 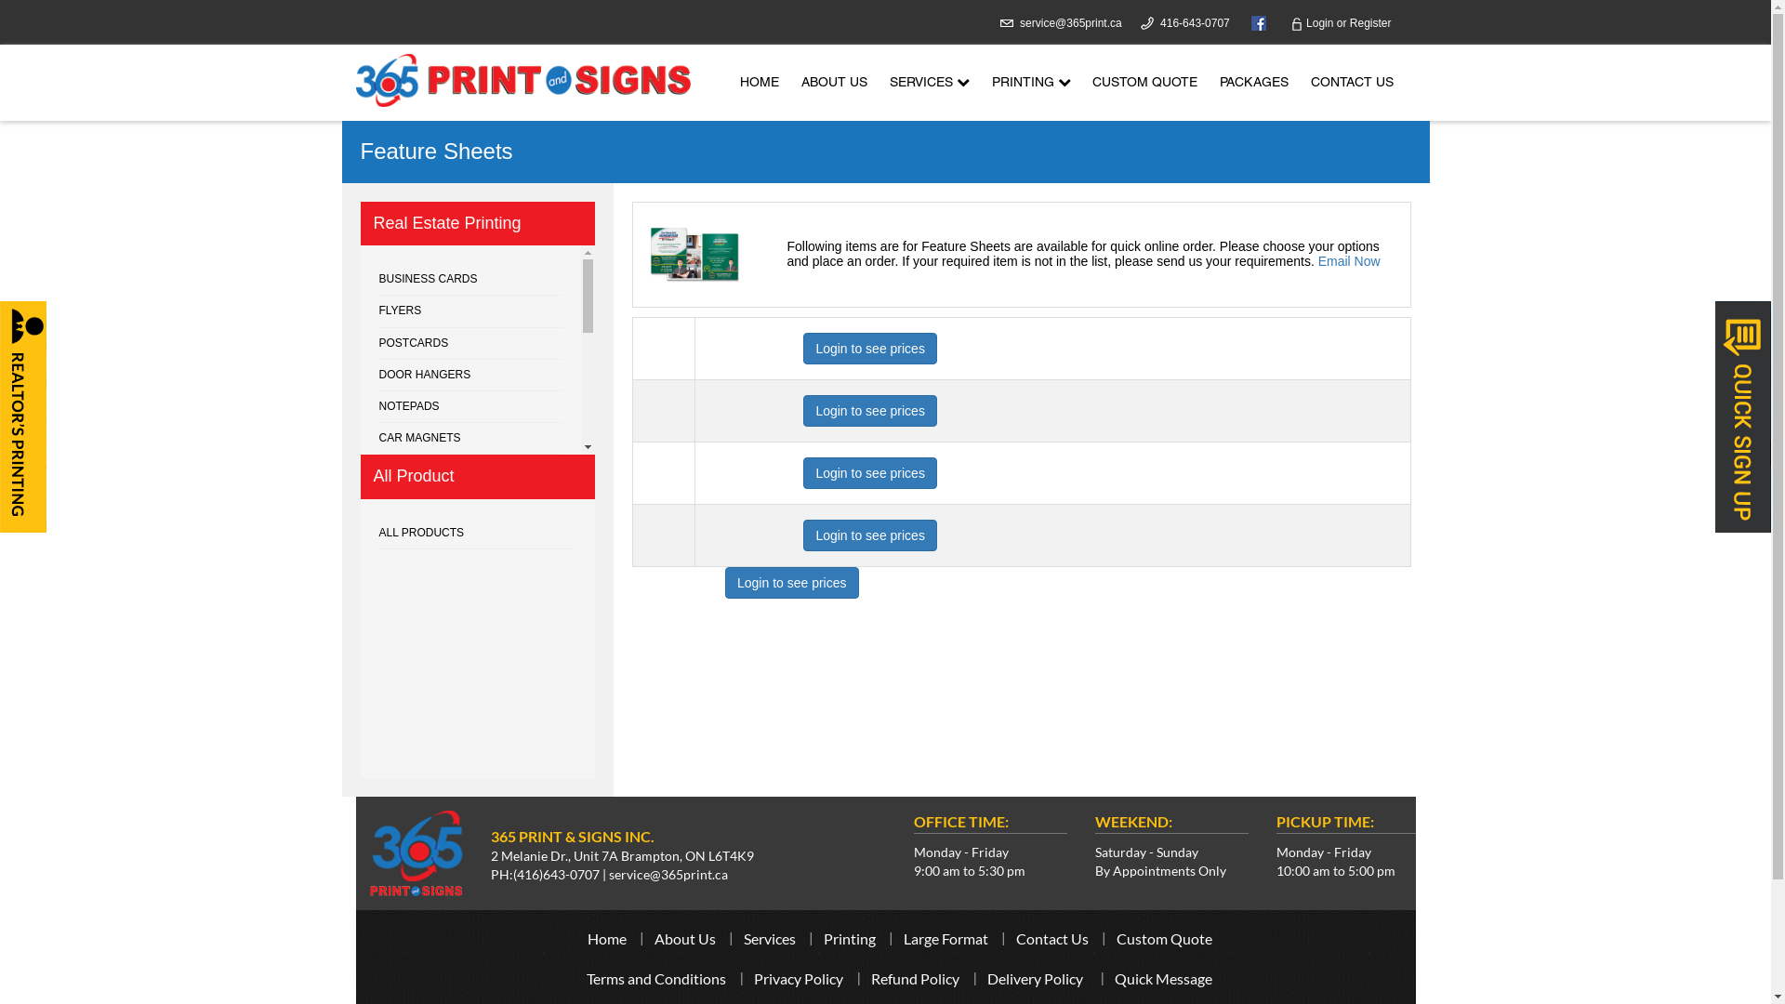 I want to click on 'NOTEPADS', so click(x=471, y=406).